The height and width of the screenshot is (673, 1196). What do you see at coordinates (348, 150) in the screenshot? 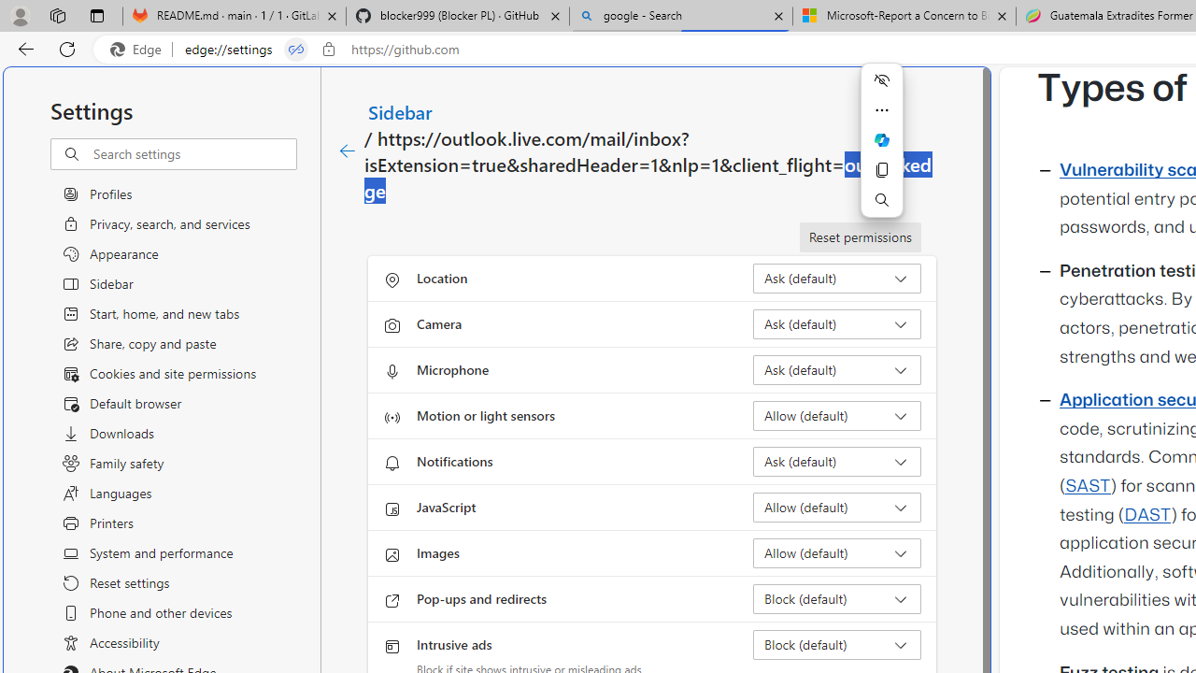
I see `'Go back to Sidebar page.'` at bounding box center [348, 150].